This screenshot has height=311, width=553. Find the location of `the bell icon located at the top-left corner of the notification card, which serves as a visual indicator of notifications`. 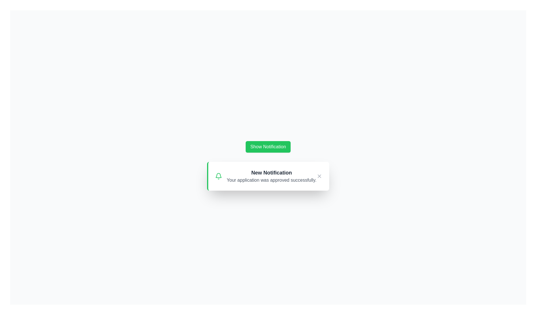

the bell icon located at the top-left corner of the notification card, which serves as a visual indicator of notifications is located at coordinates (218, 176).